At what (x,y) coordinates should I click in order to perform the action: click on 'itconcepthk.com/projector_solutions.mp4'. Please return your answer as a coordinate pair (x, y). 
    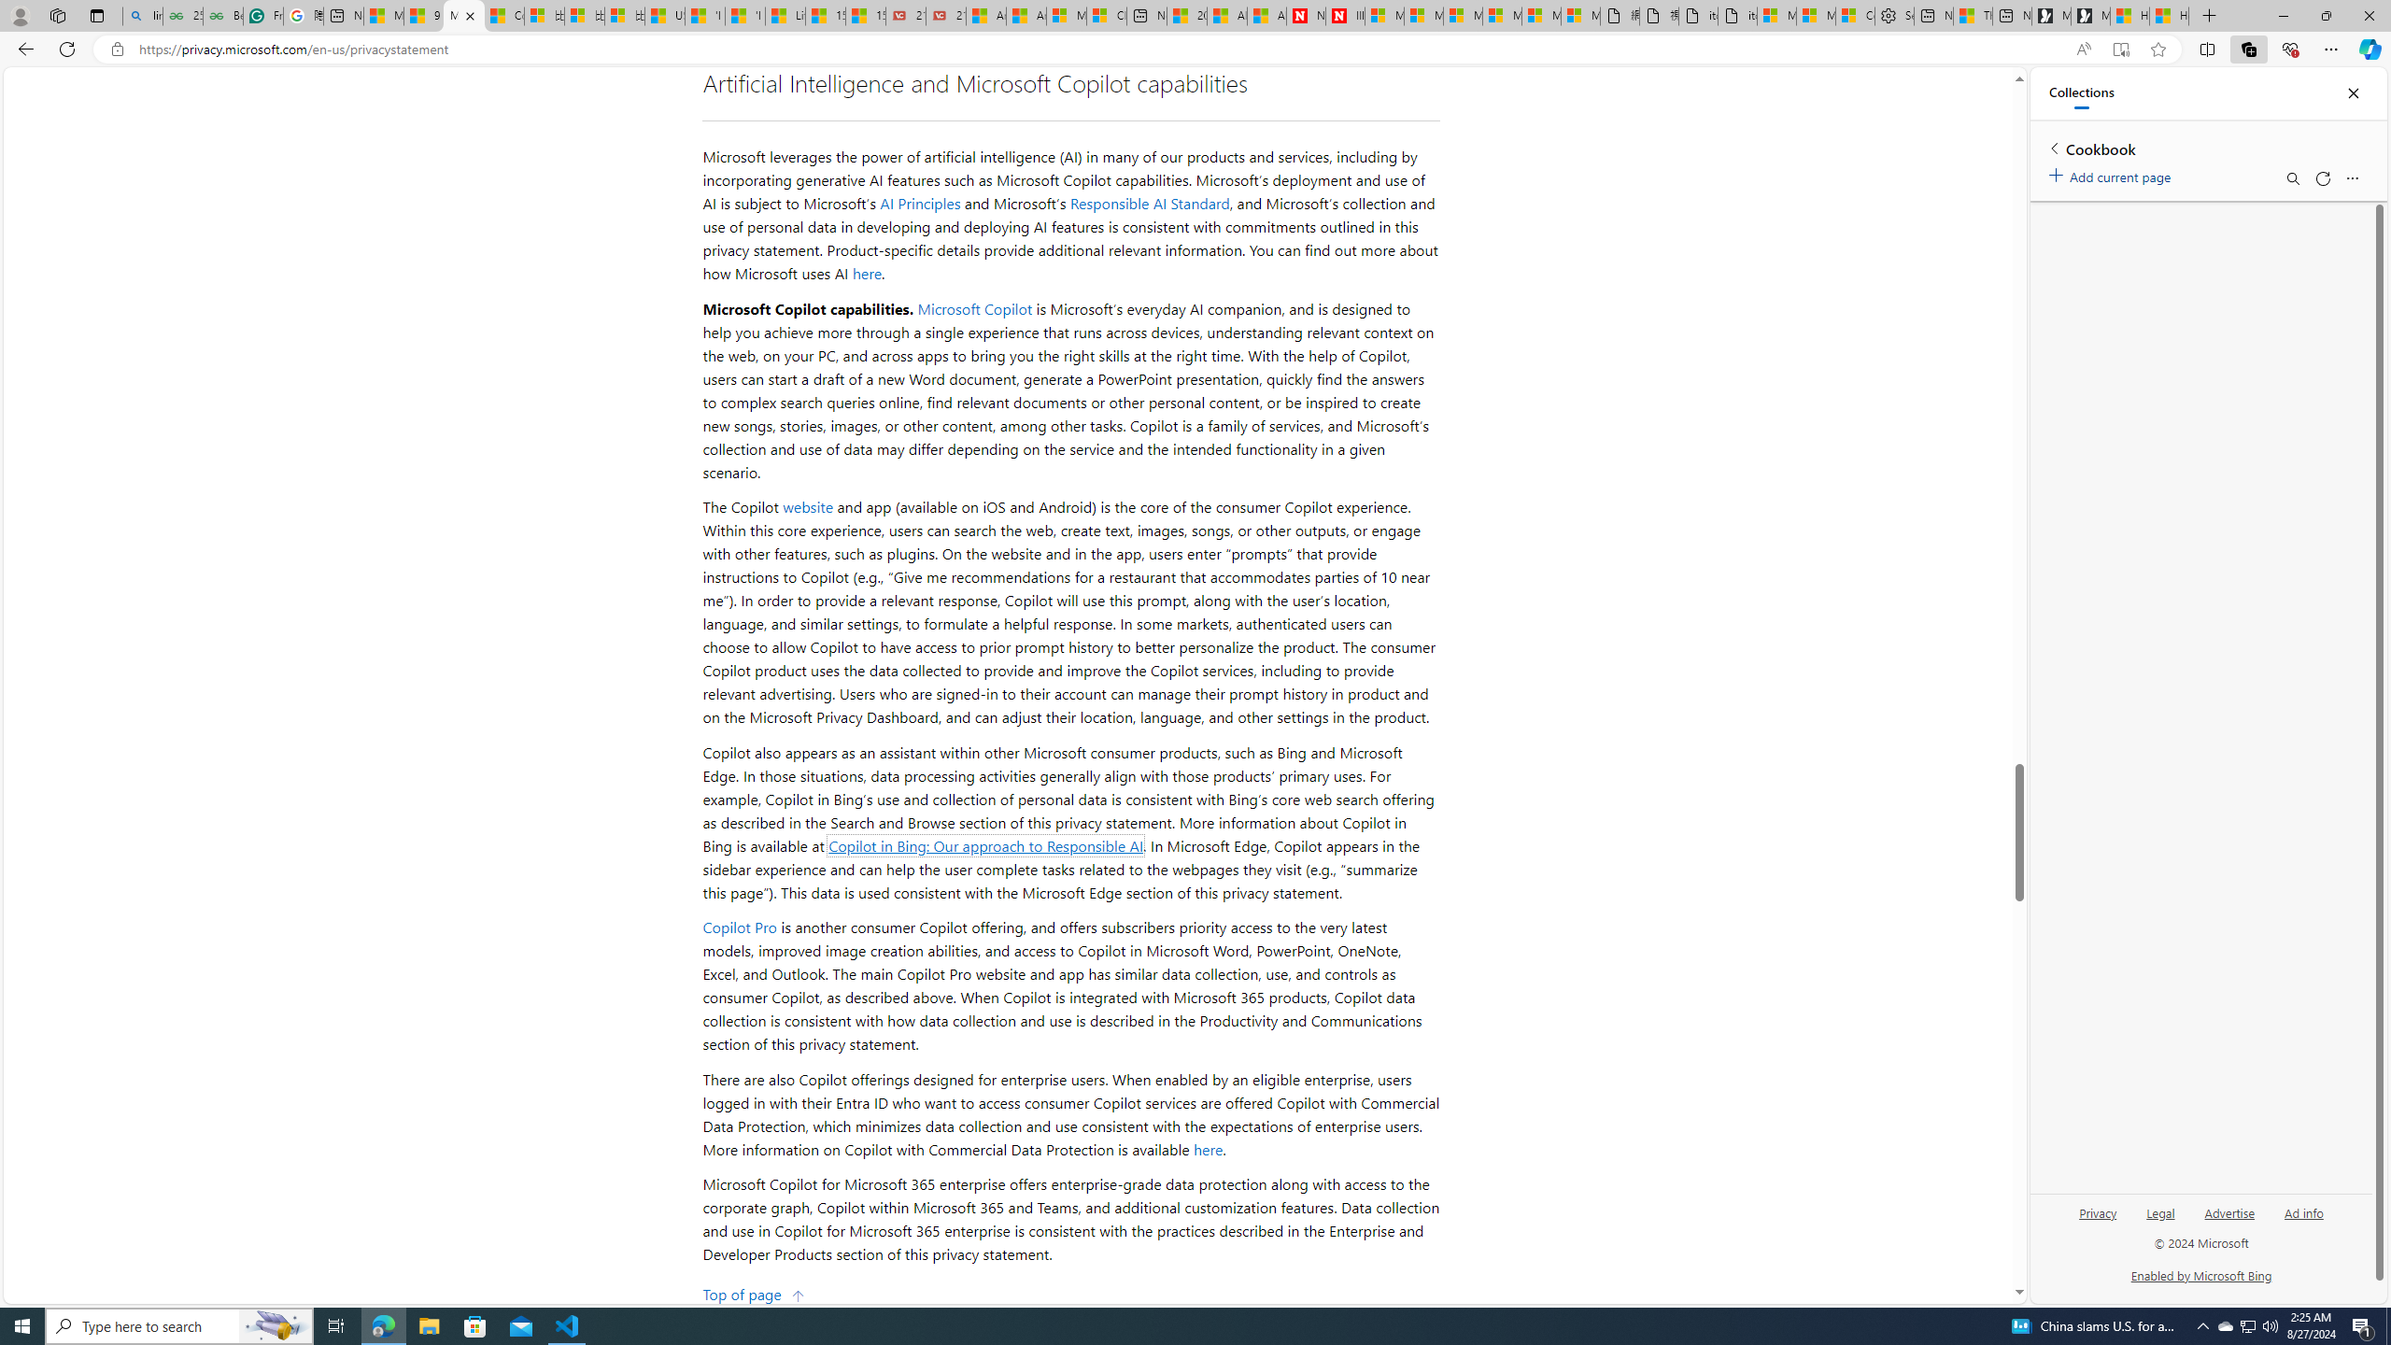
    Looking at the image, I should click on (1735, 15).